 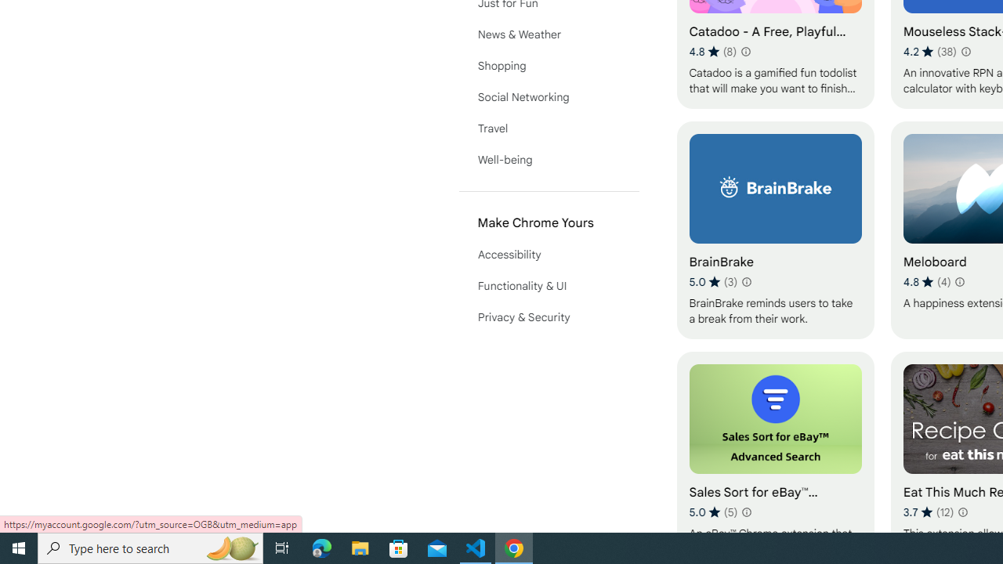 What do you see at coordinates (549, 64) in the screenshot?
I see `'Shopping'` at bounding box center [549, 64].